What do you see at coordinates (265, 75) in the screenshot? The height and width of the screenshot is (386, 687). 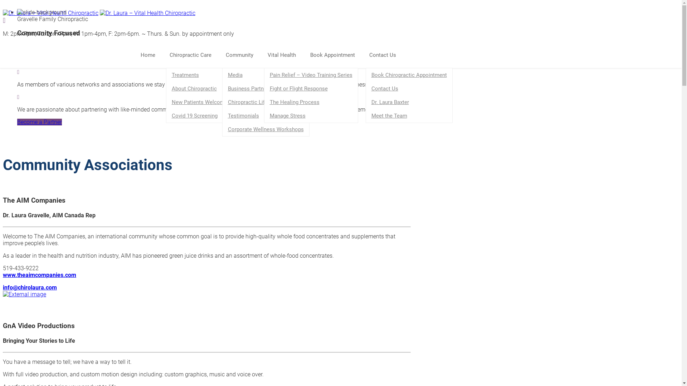 I see `'Media'` at bounding box center [265, 75].